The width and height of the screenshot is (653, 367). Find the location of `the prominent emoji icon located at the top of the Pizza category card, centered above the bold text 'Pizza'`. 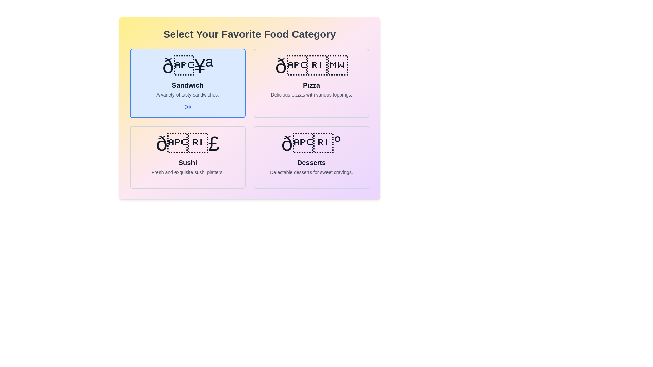

the prominent emoji icon located at the top of the Pizza category card, centered above the bold text 'Pizza' is located at coordinates (311, 66).